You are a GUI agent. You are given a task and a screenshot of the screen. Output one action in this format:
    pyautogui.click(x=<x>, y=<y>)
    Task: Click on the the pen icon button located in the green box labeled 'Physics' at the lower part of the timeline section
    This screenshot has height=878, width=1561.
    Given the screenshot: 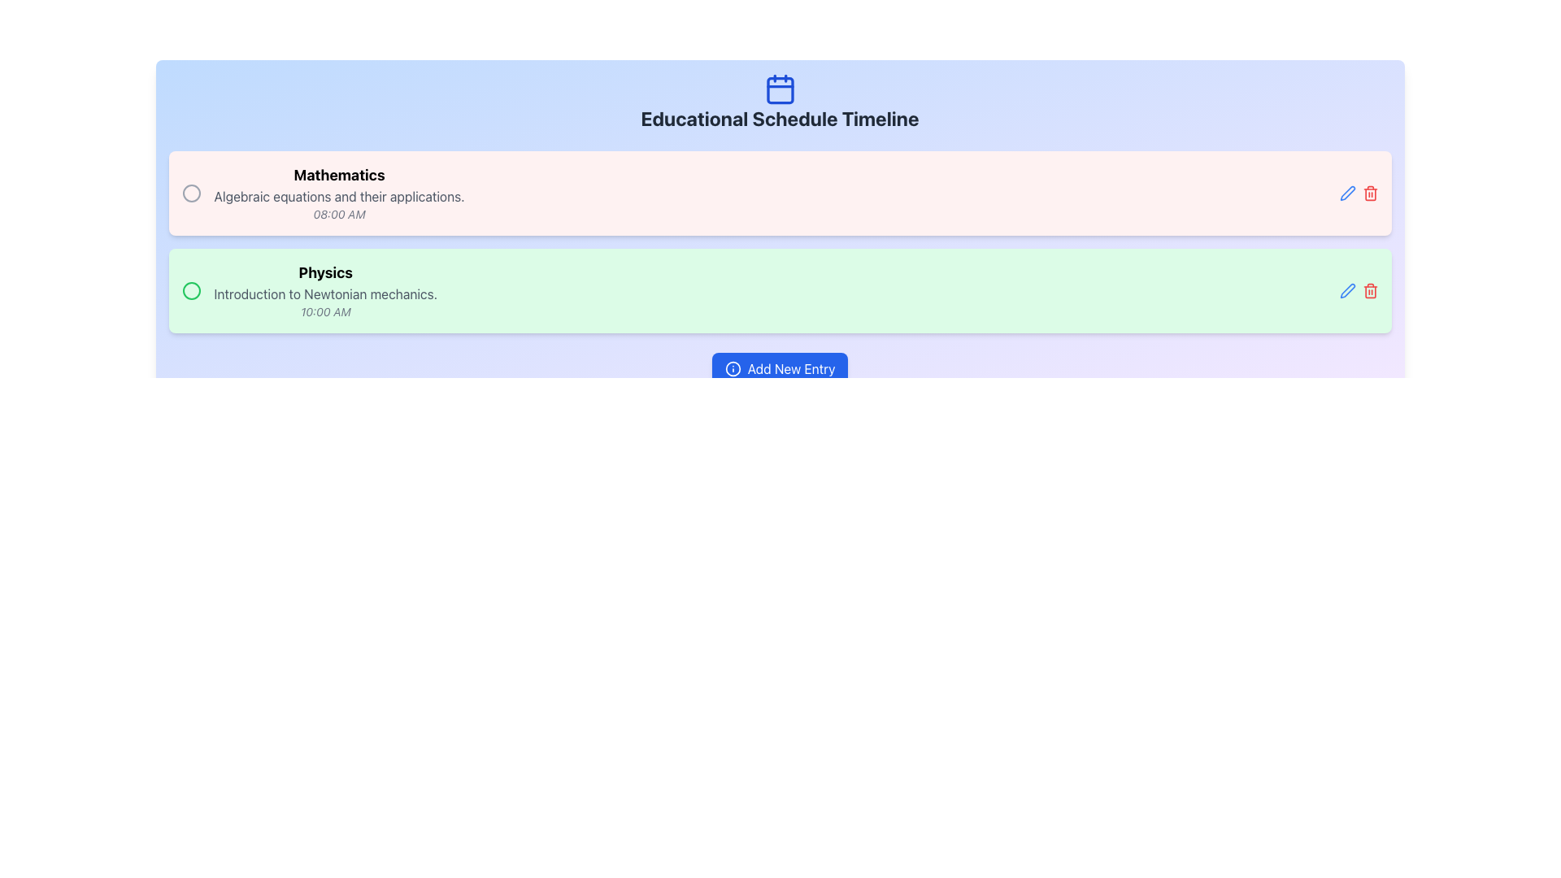 What is the action you would take?
    pyautogui.click(x=1347, y=290)
    